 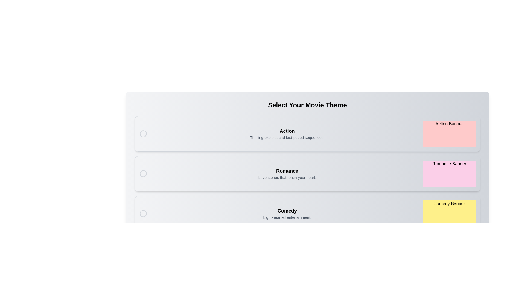 I want to click on the centrally aligned text block displaying the title and description for the 'Comedy' category, located in the third option box from the top, so click(x=287, y=213).